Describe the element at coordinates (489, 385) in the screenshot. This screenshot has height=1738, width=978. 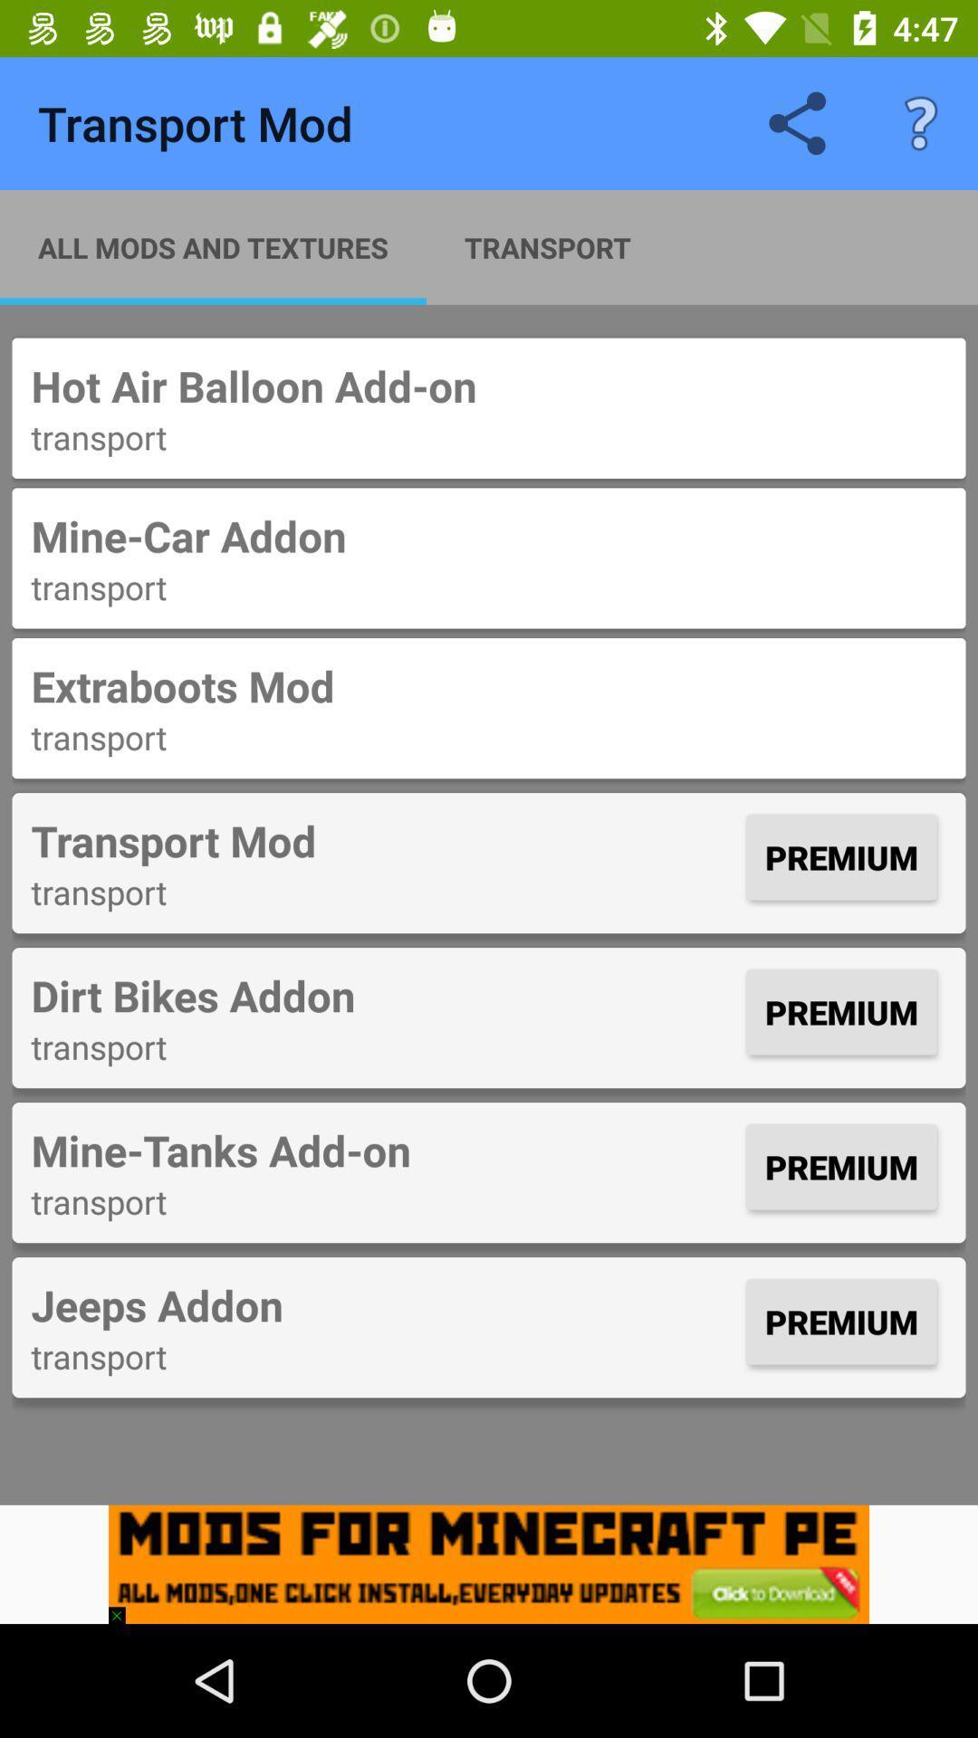
I see `item above the transport icon` at that location.